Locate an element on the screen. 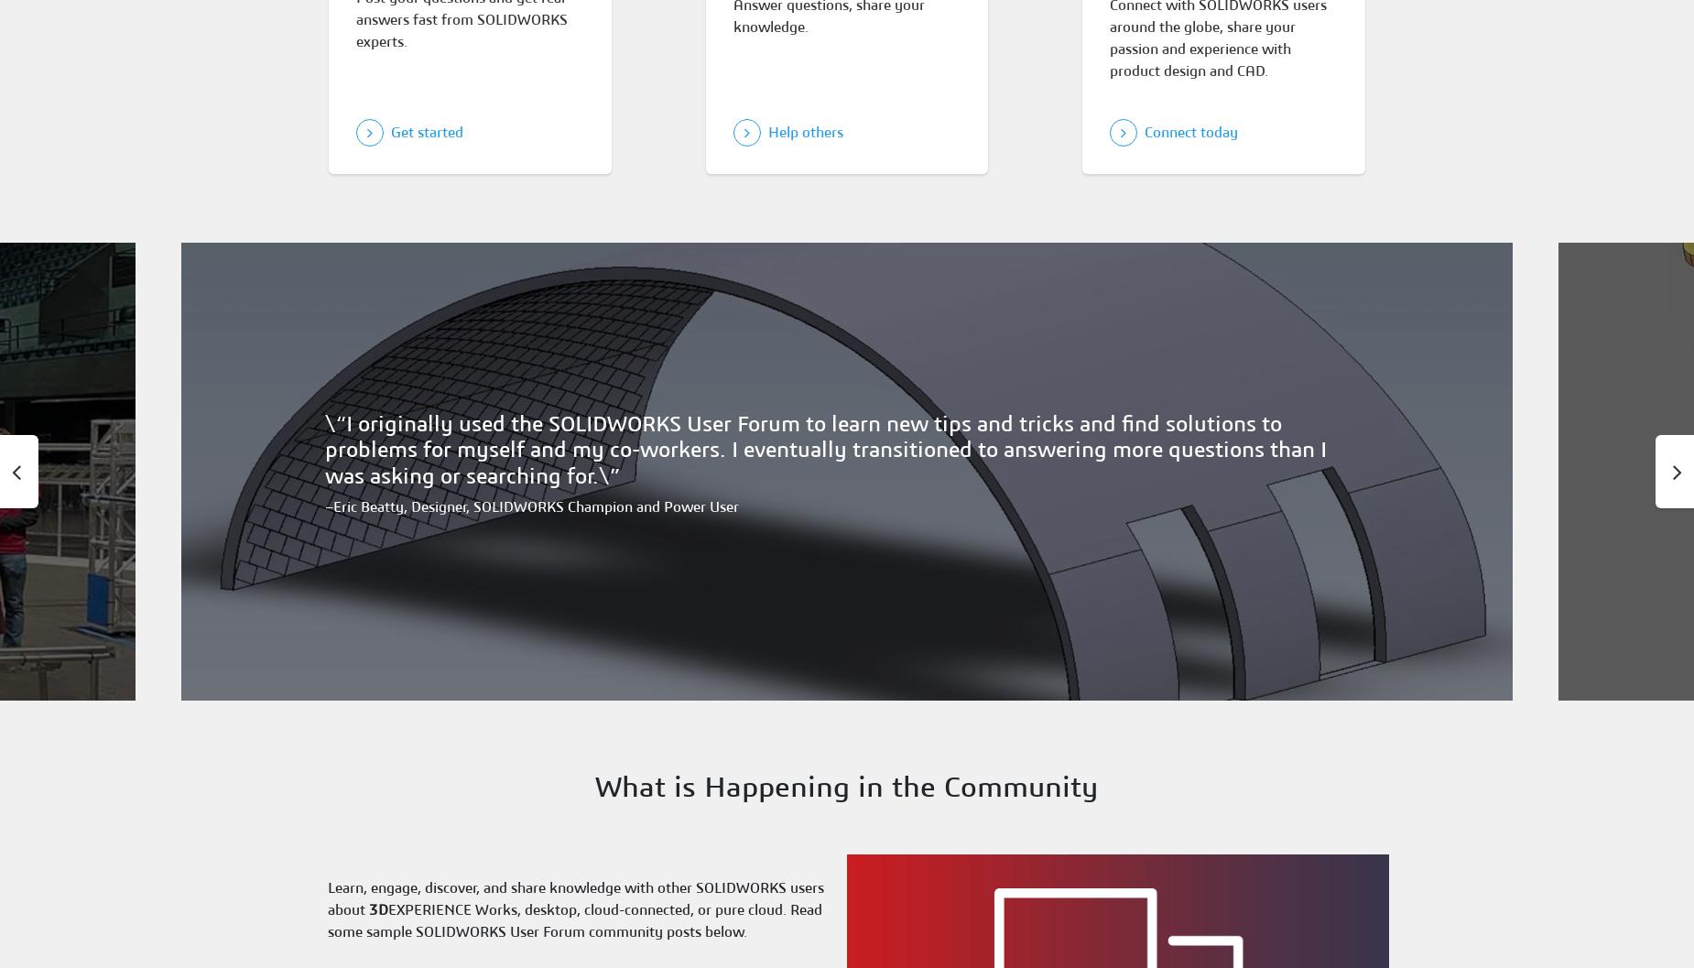 This screenshot has height=968, width=1694. '©2002-2023 Dassault Systemes SolidWorks Corporation' is located at coordinates (706, 840).